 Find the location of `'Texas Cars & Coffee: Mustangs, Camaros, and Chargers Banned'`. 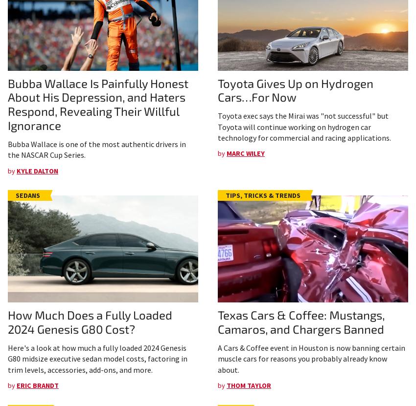

'Texas Cars & Coffee: Mustangs, Camaros, and Chargers Banned' is located at coordinates (300, 321).